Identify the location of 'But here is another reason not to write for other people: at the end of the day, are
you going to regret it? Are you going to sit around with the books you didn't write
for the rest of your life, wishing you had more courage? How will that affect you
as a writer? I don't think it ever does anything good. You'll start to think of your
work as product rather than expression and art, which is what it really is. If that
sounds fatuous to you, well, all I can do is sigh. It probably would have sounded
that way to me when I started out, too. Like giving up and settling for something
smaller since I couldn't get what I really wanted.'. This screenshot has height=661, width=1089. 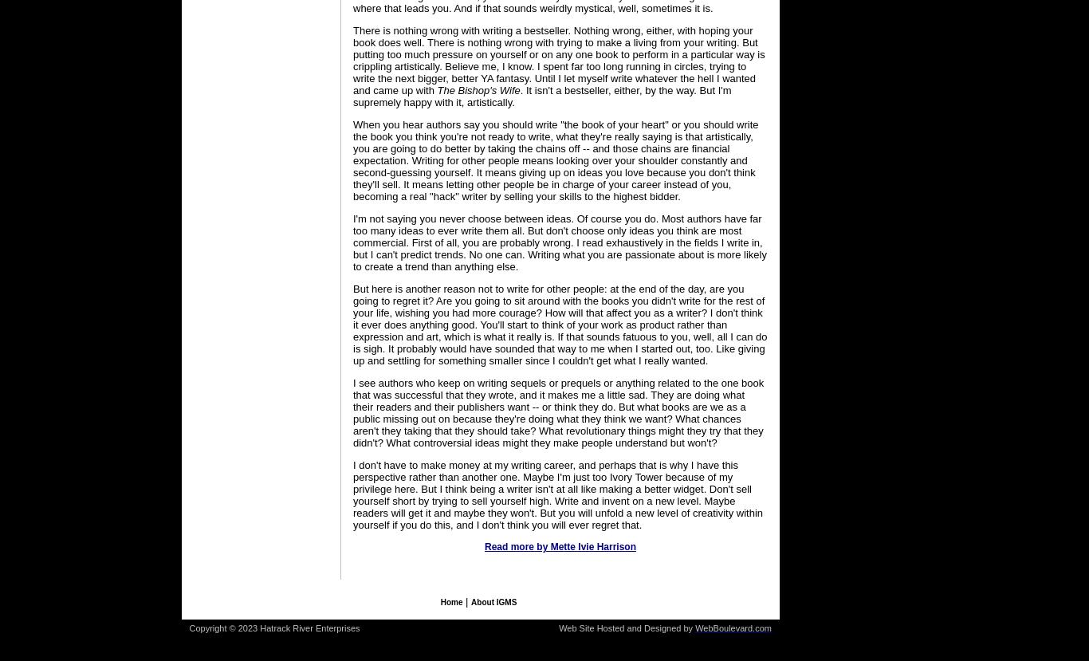
(352, 325).